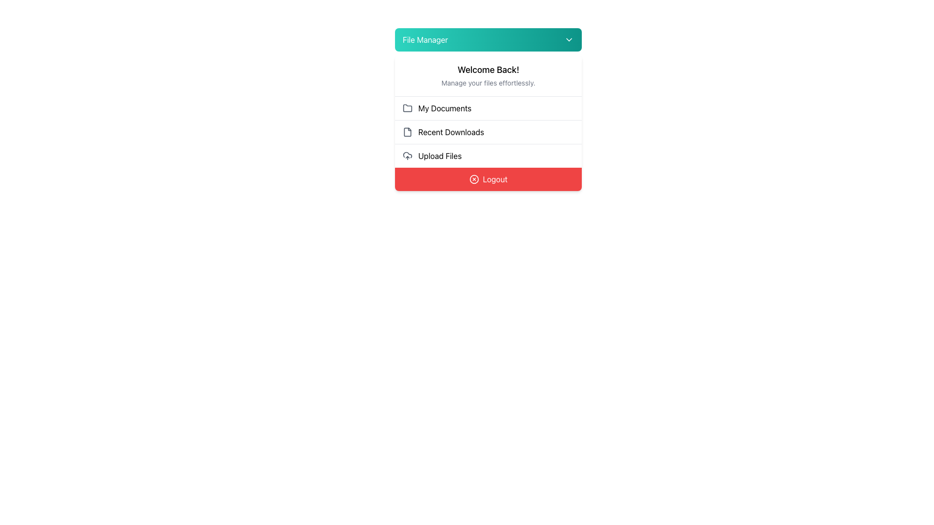 Image resolution: width=934 pixels, height=525 pixels. What do you see at coordinates (488, 69) in the screenshot?
I see `the welcoming title Text Display element, which serves as a header for the surrounding content and is located above the 'Manage your files effortlessly.' text` at bounding box center [488, 69].